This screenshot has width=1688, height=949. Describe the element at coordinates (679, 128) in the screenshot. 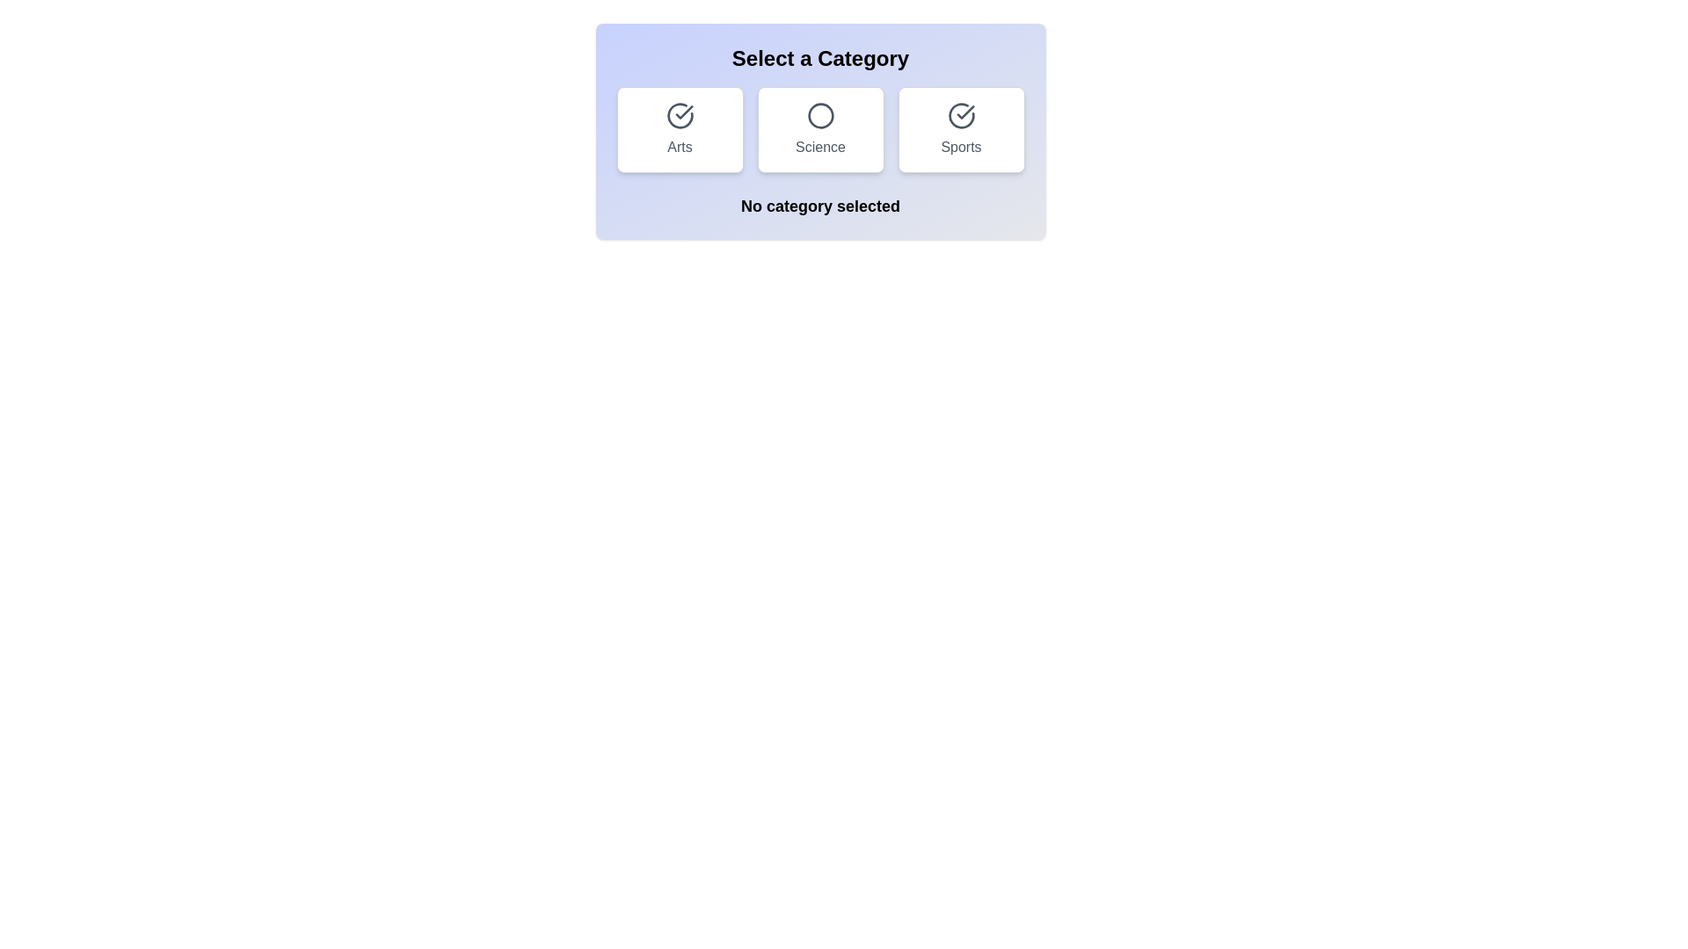

I see `the button labeled 'Arts', which is the first card on the left in a grid layout of three cards` at that location.